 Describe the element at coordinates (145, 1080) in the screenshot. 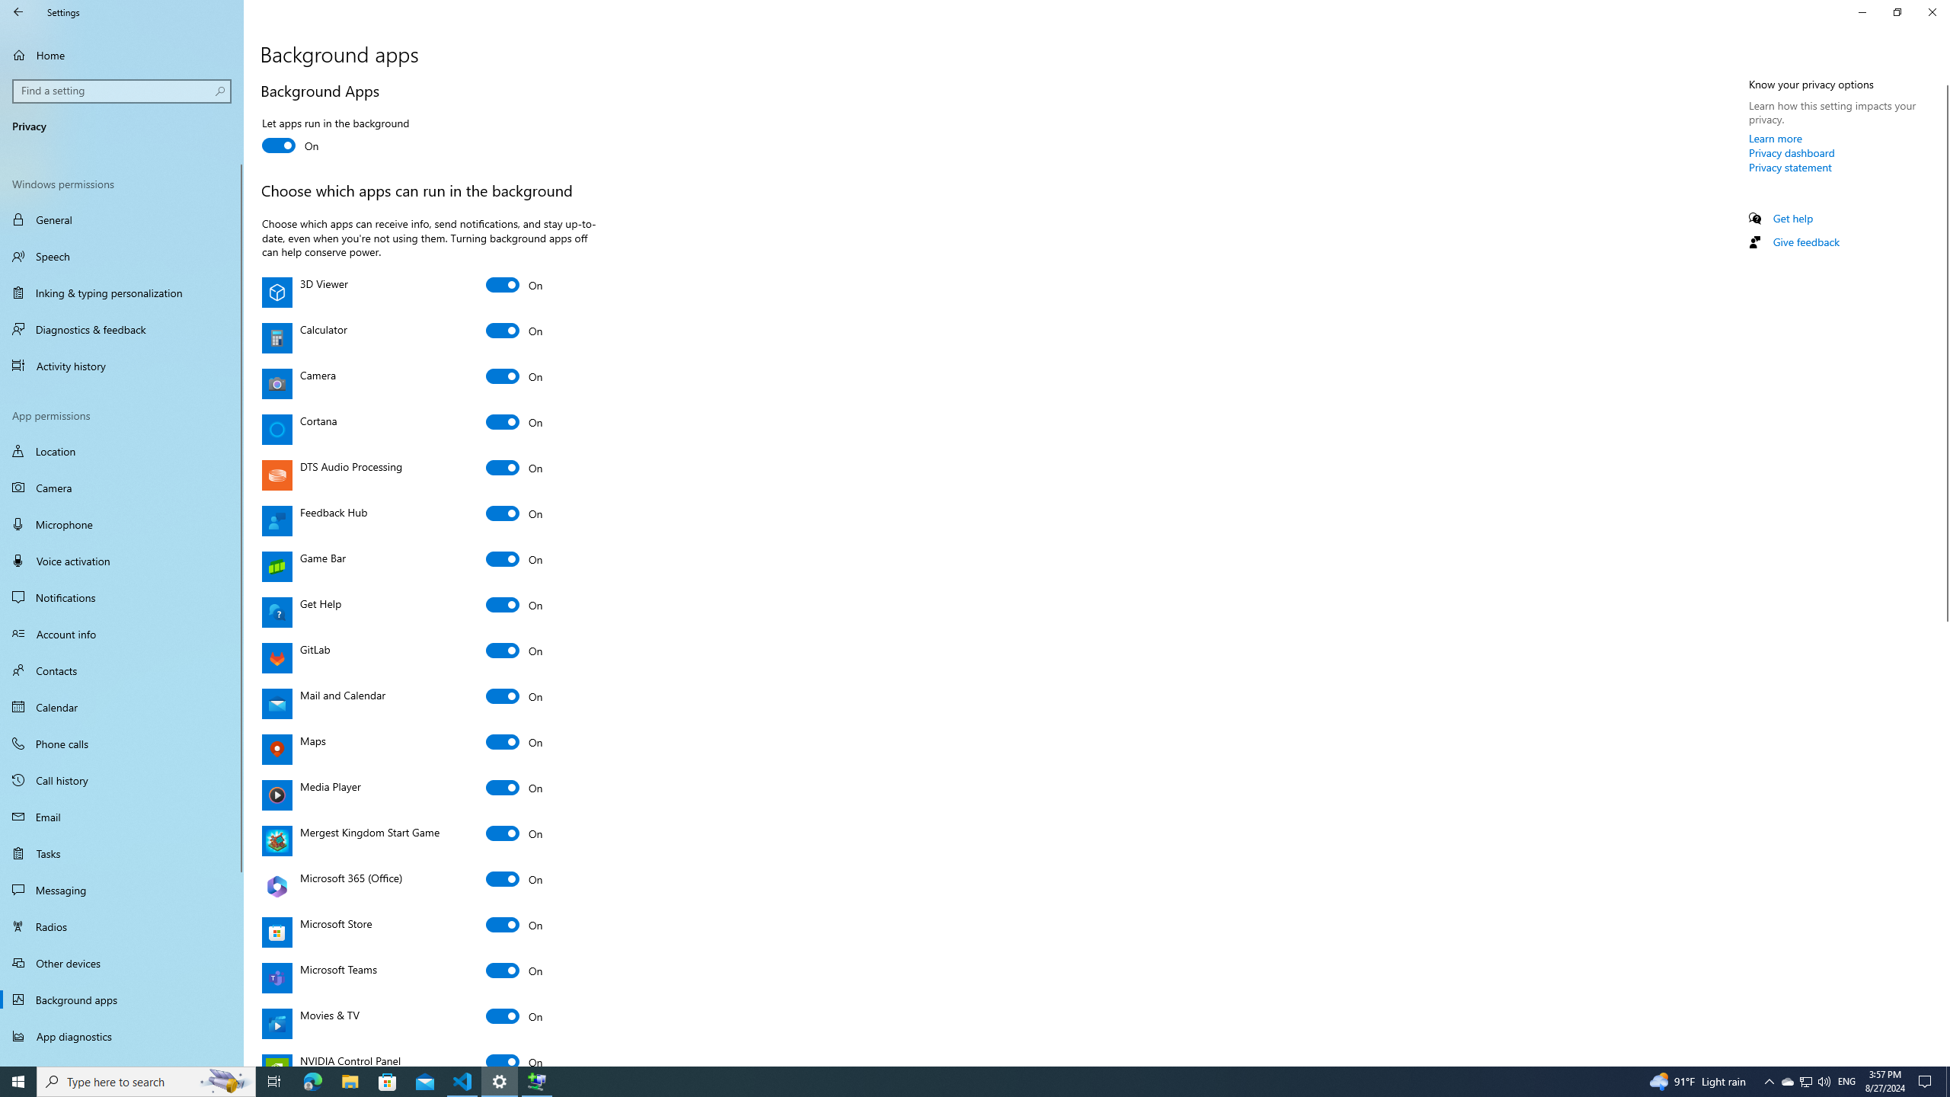

I see `'Type here to search'` at that location.